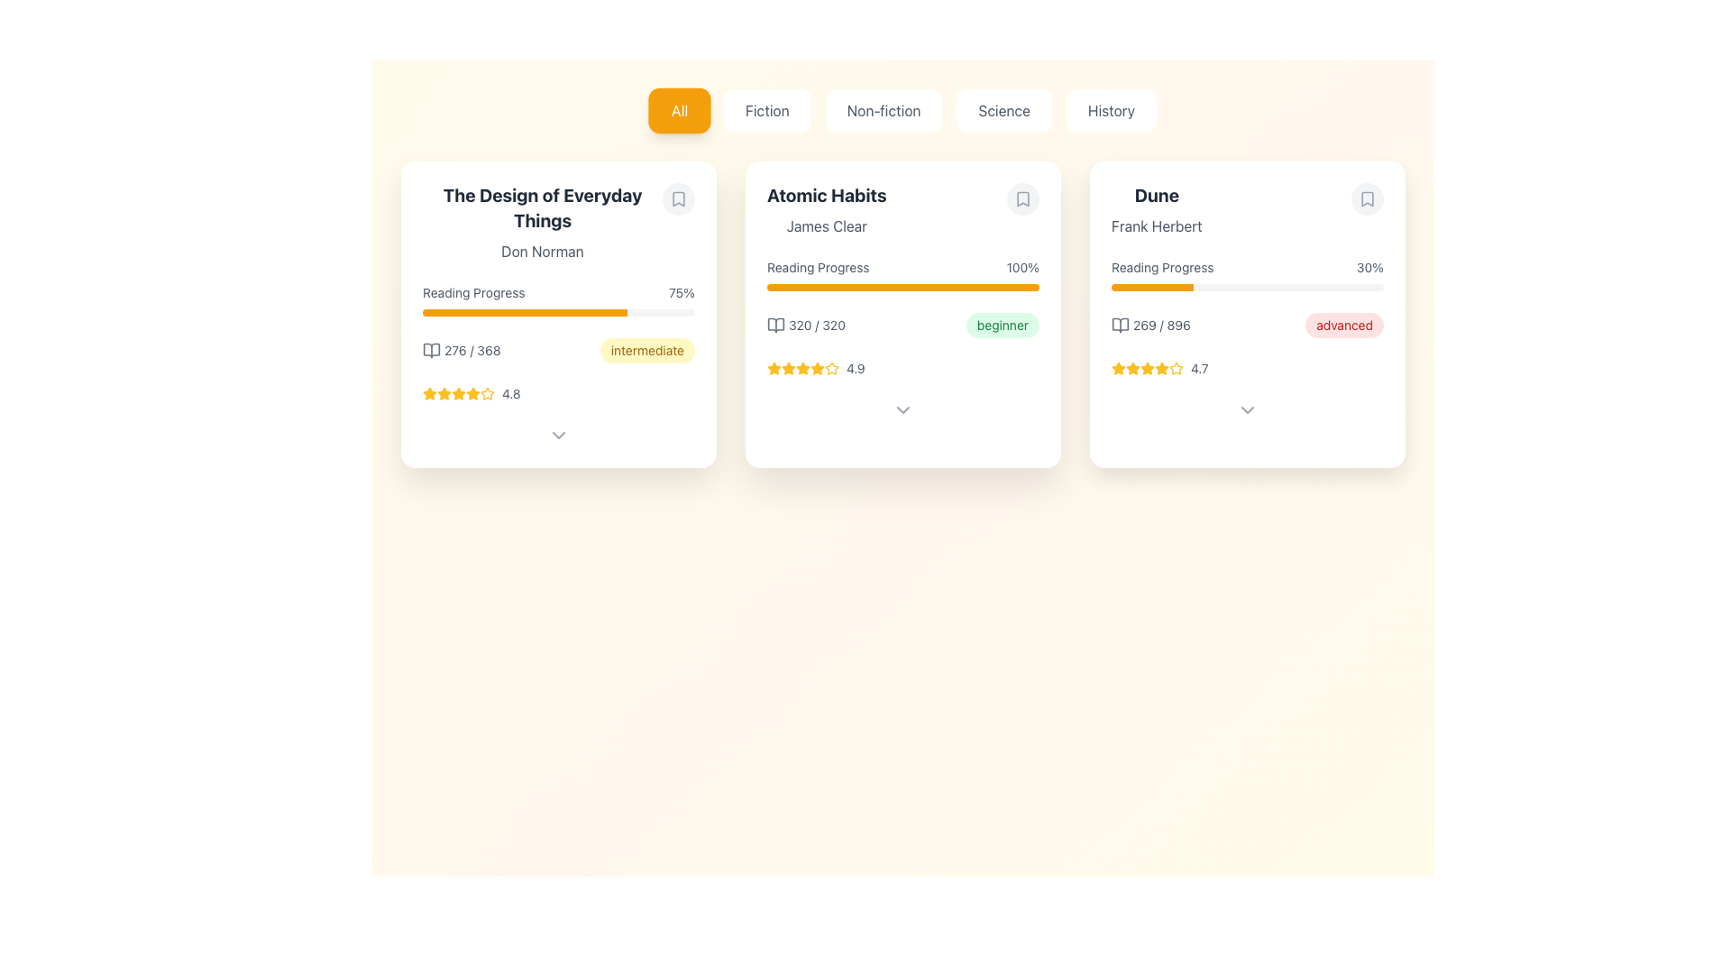 The width and height of the screenshot is (1731, 974). Describe the element at coordinates (774, 367) in the screenshot. I see `the first rating star icon in the rating section of the 'Atomic Habits' card` at that location.